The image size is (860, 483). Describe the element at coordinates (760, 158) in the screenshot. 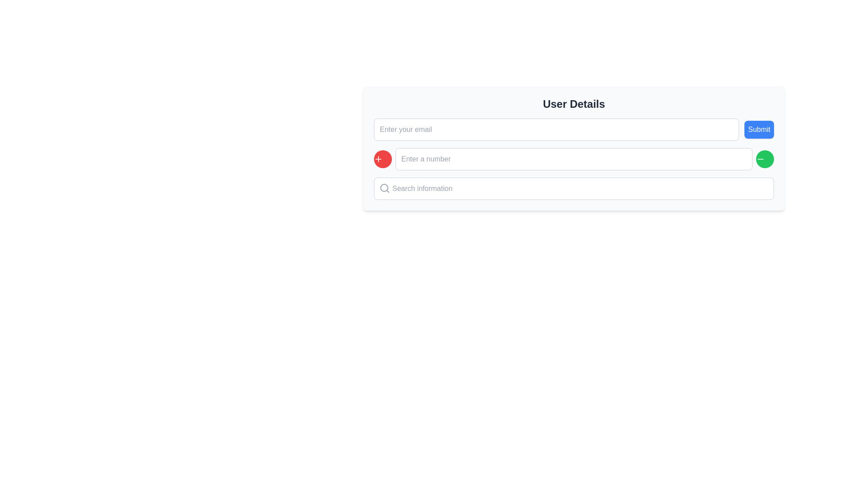

I see `the minus icon located at the center of a small green circular button` at that location.